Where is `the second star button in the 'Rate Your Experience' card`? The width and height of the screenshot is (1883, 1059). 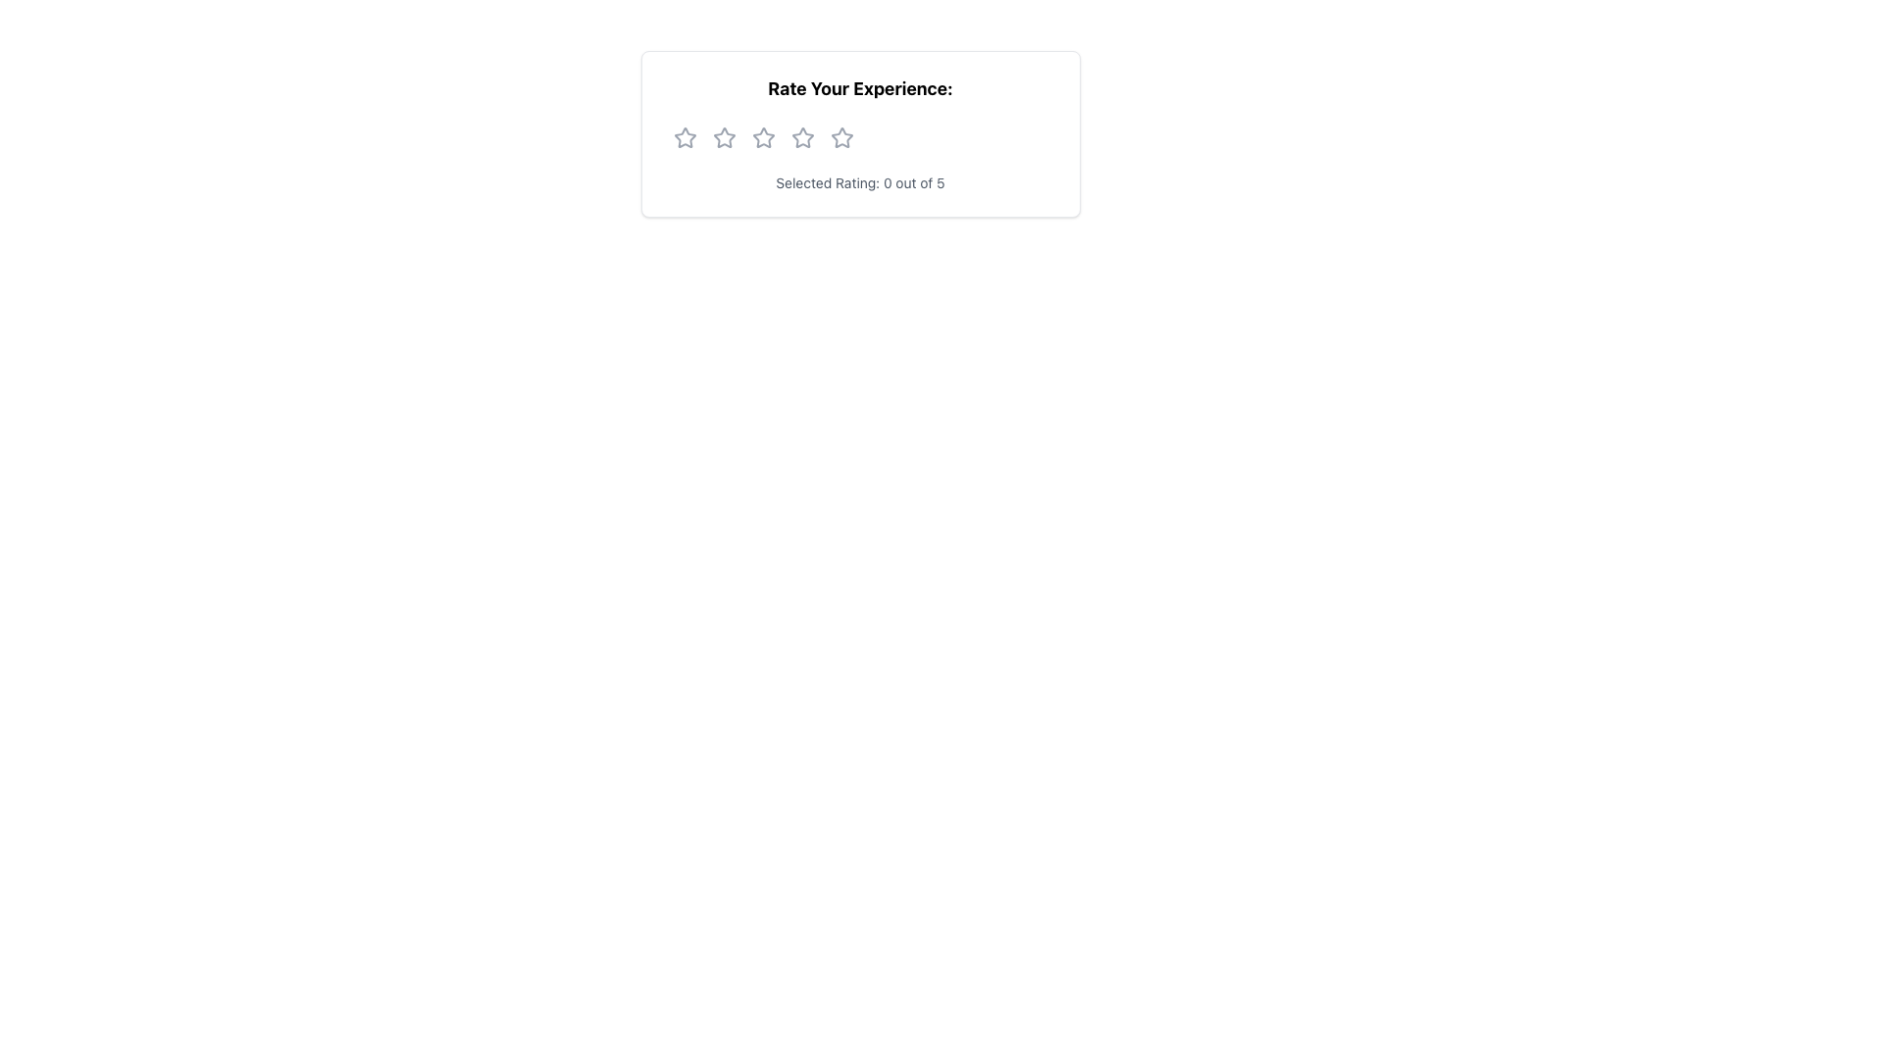
the second star button in the 'Rate Your Experience' card is located at coordinates (762, 136).